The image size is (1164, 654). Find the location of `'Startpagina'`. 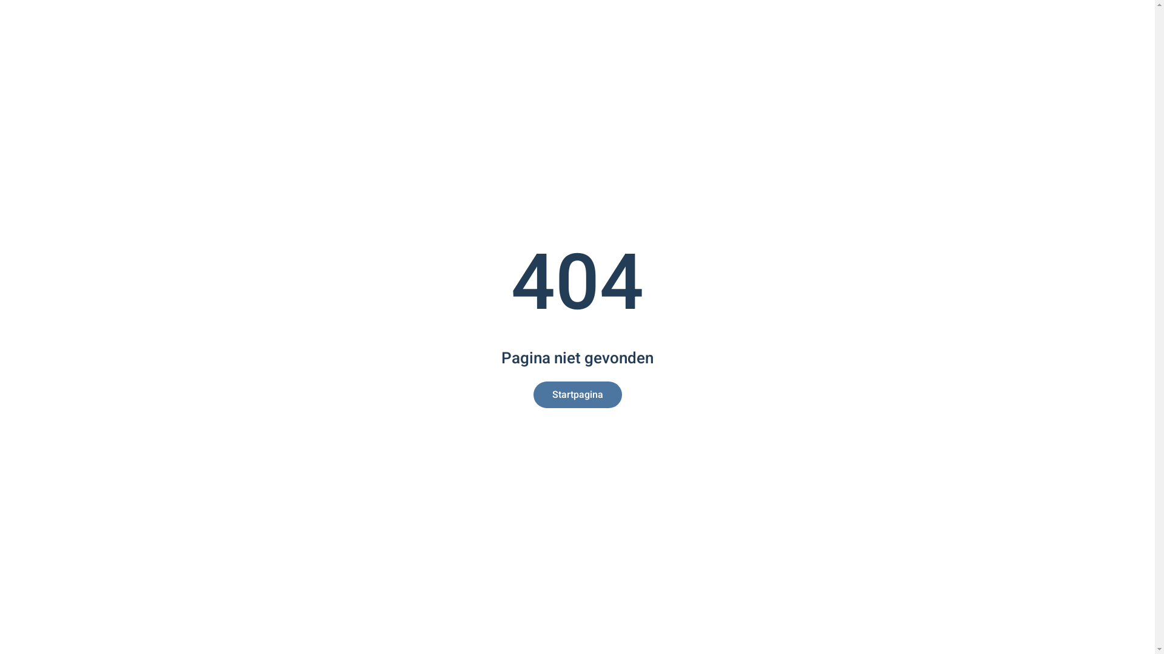

'Startpagina' is located at coordinates (533, 394).